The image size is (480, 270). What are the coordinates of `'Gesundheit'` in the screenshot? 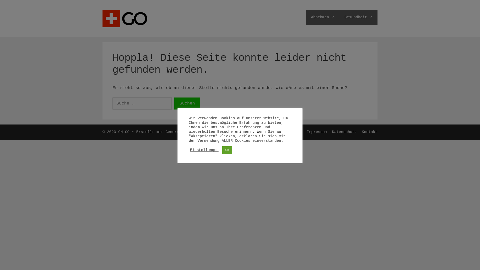 It's located at (358, 17).